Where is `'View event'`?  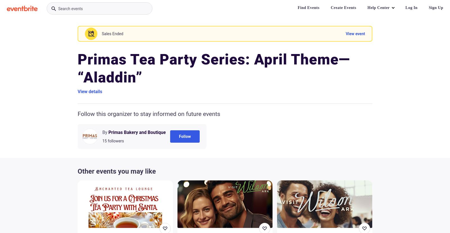 'View event' is located at coordinates (355, 33).